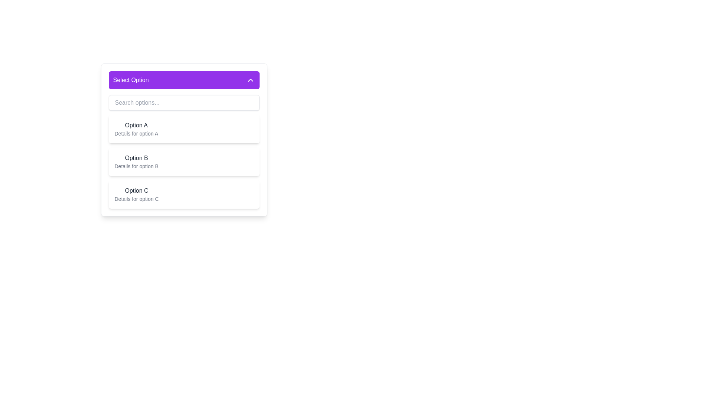  I want to click on static text label that displays 'Details for option A', which is positioned below the header text 'Option A' within a white rectangular card, so click(136, 133).